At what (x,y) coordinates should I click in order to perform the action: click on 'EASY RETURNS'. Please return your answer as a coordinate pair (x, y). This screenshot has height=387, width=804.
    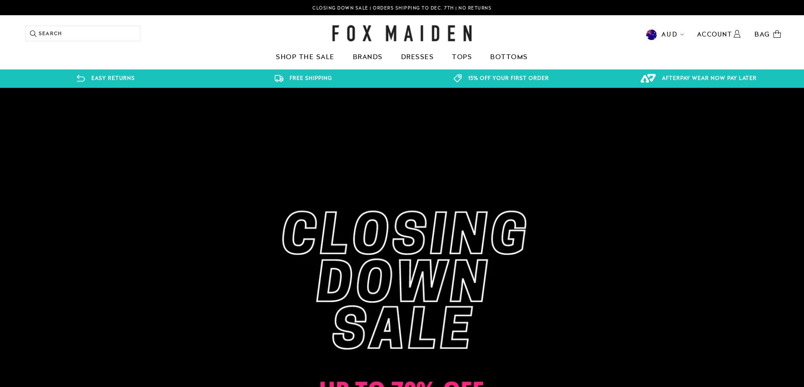
    Looking at the image, I should click on (112, 78).